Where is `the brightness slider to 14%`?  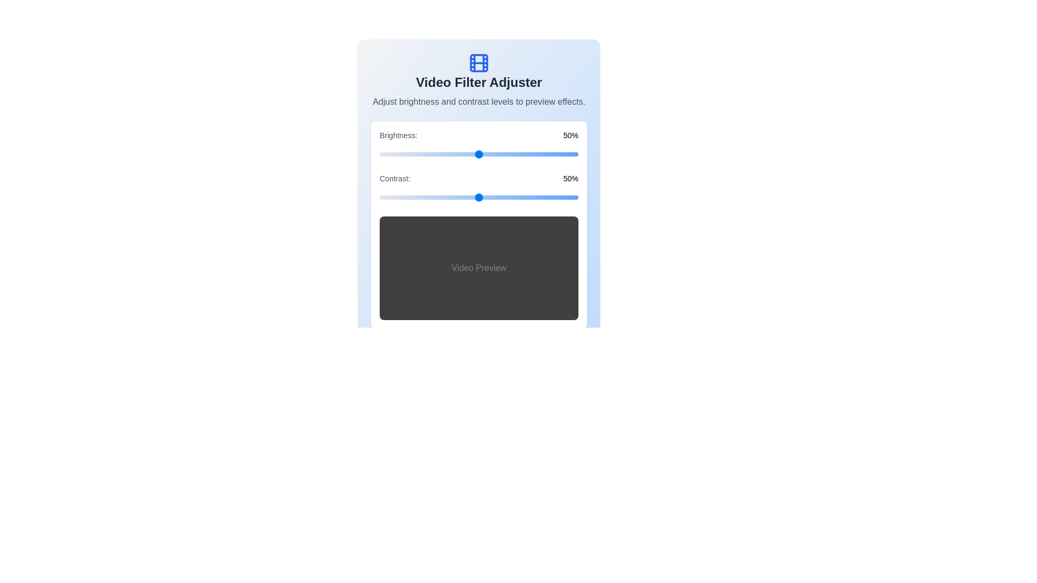
the brightness slider to 14% is located at coordinates (407, 154).